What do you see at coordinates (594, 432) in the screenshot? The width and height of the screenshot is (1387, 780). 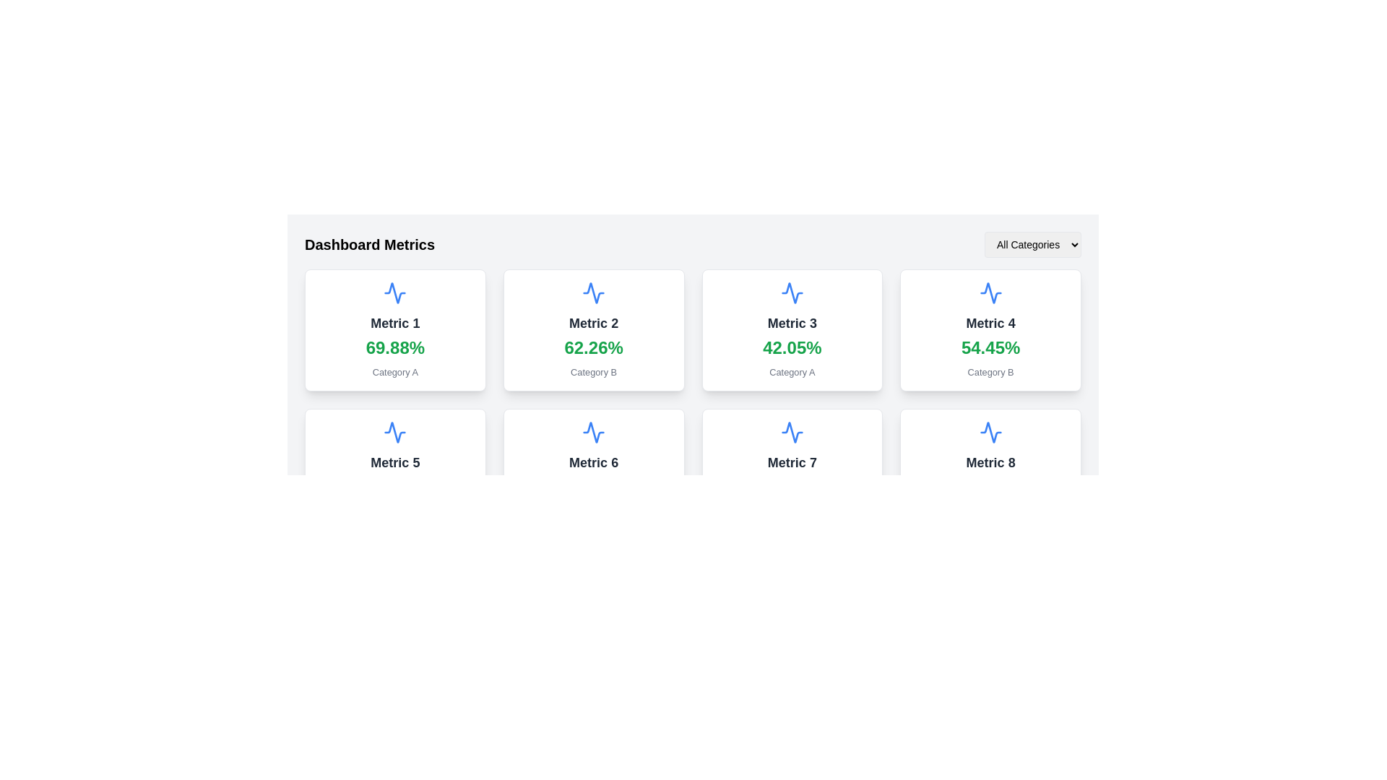 I see `the Icon (SVG) that visually represents data related to the 'Metric 6' card, which is located in the second row and second column of the grid layout, above the label text` at bounding box center [594, 432].